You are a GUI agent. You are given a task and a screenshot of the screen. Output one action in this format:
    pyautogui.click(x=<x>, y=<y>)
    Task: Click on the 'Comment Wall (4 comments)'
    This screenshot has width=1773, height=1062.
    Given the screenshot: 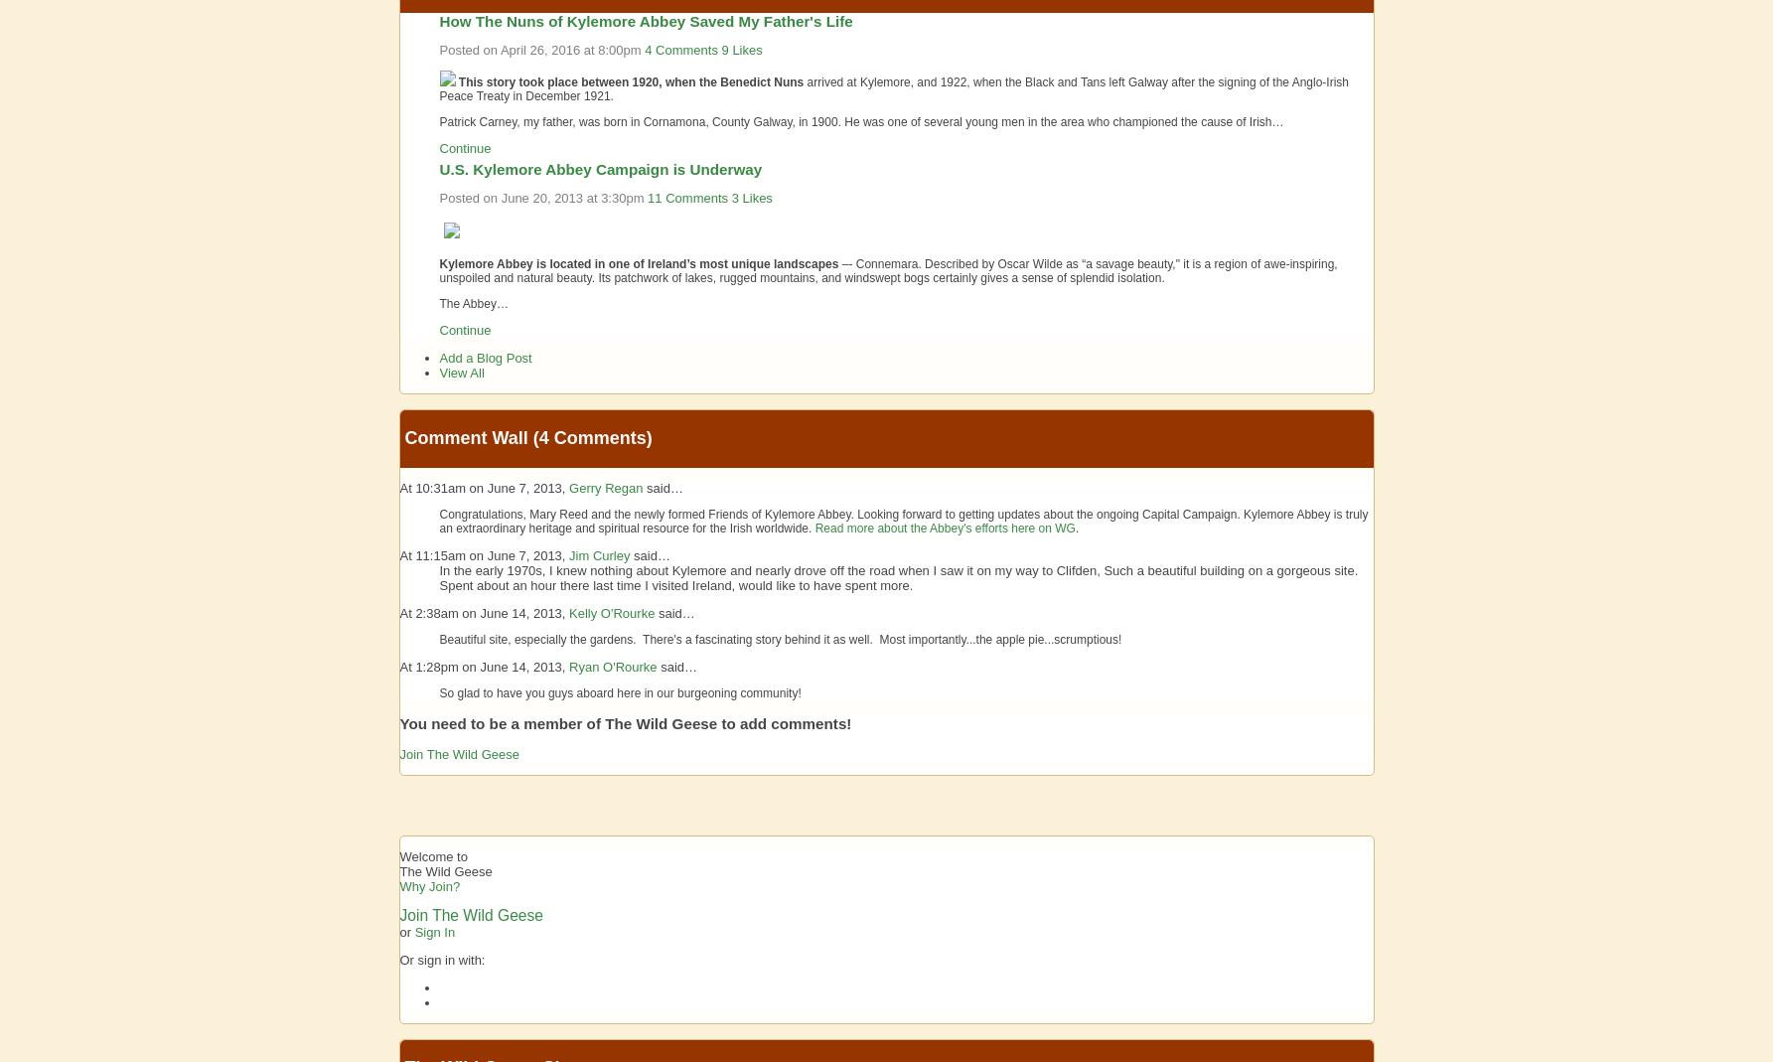 What is the action you would take?
    pyautogui.click(x=527, y=436)
    